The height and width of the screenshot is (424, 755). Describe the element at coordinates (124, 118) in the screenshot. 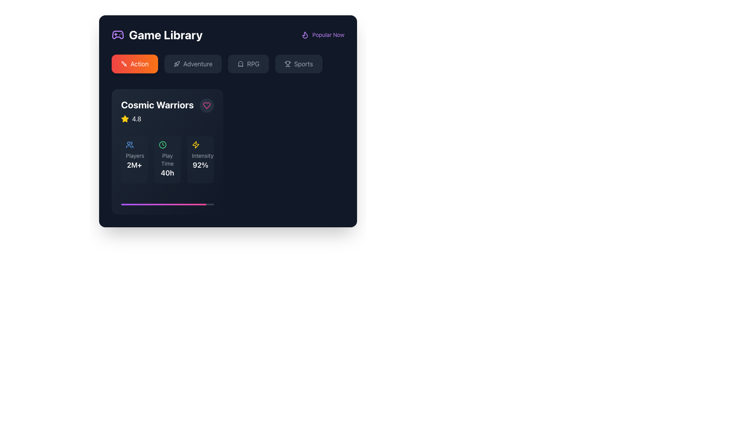

I see `the interactive rating or favorite icon located centrally within the graphic card labeled 'Cosmic Warriors', positioned to the right of the numeric rating '4.8'` at that location.